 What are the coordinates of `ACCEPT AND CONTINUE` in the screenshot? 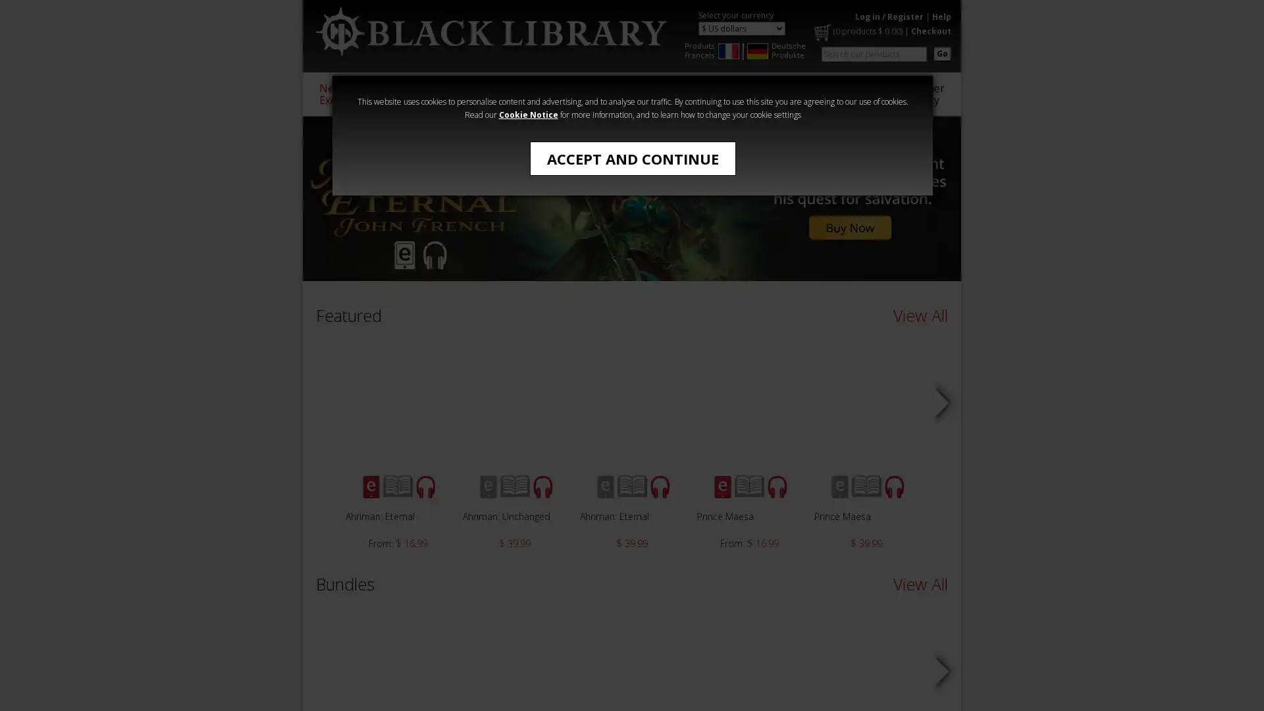 It's located at (632, 157).